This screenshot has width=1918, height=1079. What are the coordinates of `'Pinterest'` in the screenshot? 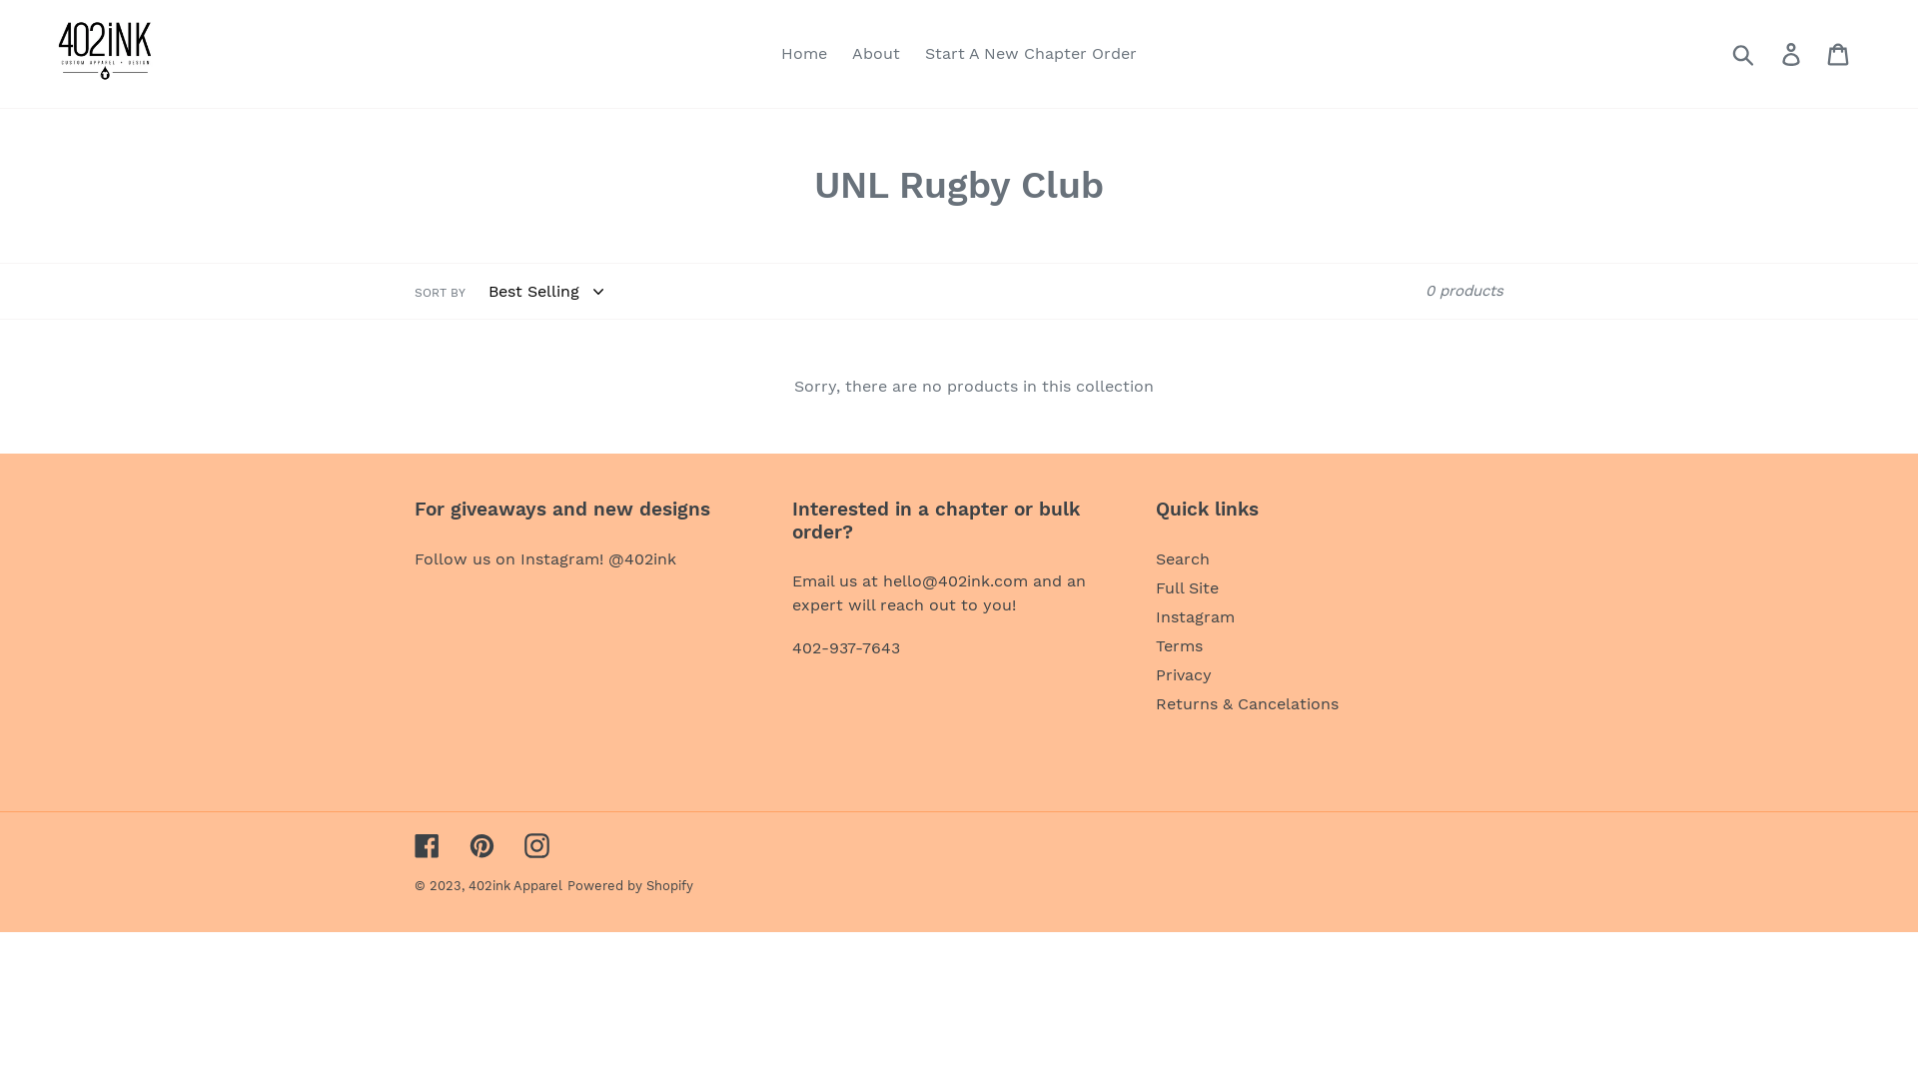 It's located at (481, 844).